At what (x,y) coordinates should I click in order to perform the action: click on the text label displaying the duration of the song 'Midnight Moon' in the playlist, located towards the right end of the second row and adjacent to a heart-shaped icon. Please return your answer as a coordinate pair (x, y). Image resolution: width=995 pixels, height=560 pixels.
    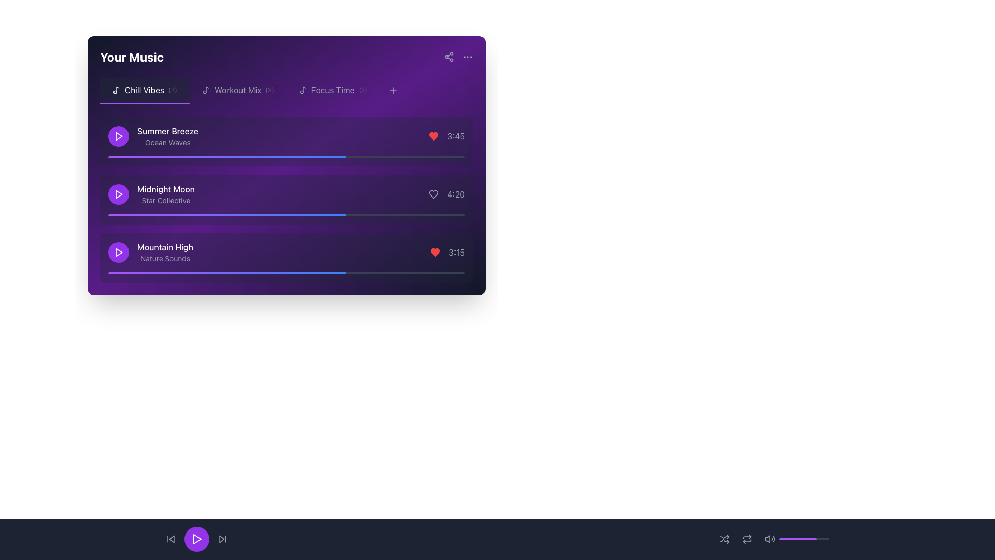
    Looking at the image, I should click on (456, 194).